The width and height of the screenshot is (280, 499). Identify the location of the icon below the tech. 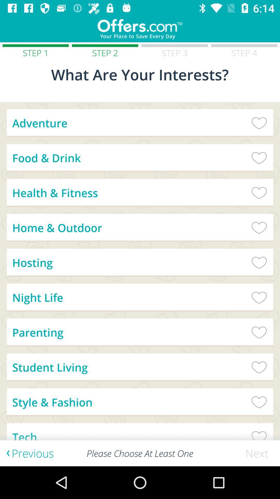
(259, 453).